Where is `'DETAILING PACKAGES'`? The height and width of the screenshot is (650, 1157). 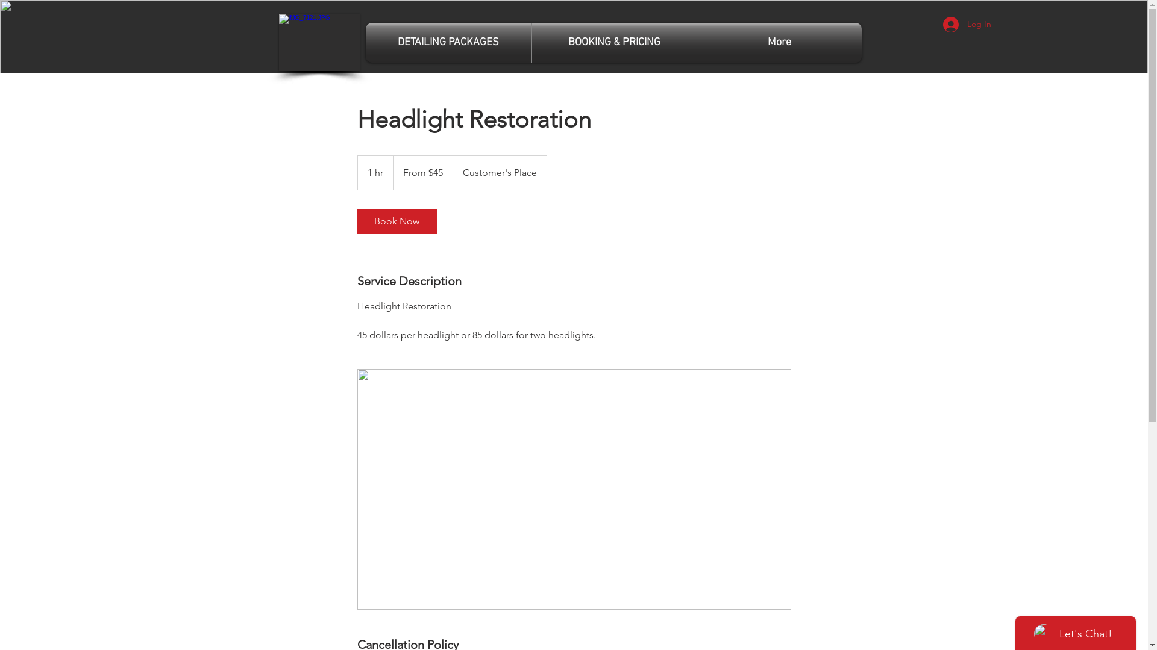
'DETAILING PACKAGES' is located at coordinates (447, 42).